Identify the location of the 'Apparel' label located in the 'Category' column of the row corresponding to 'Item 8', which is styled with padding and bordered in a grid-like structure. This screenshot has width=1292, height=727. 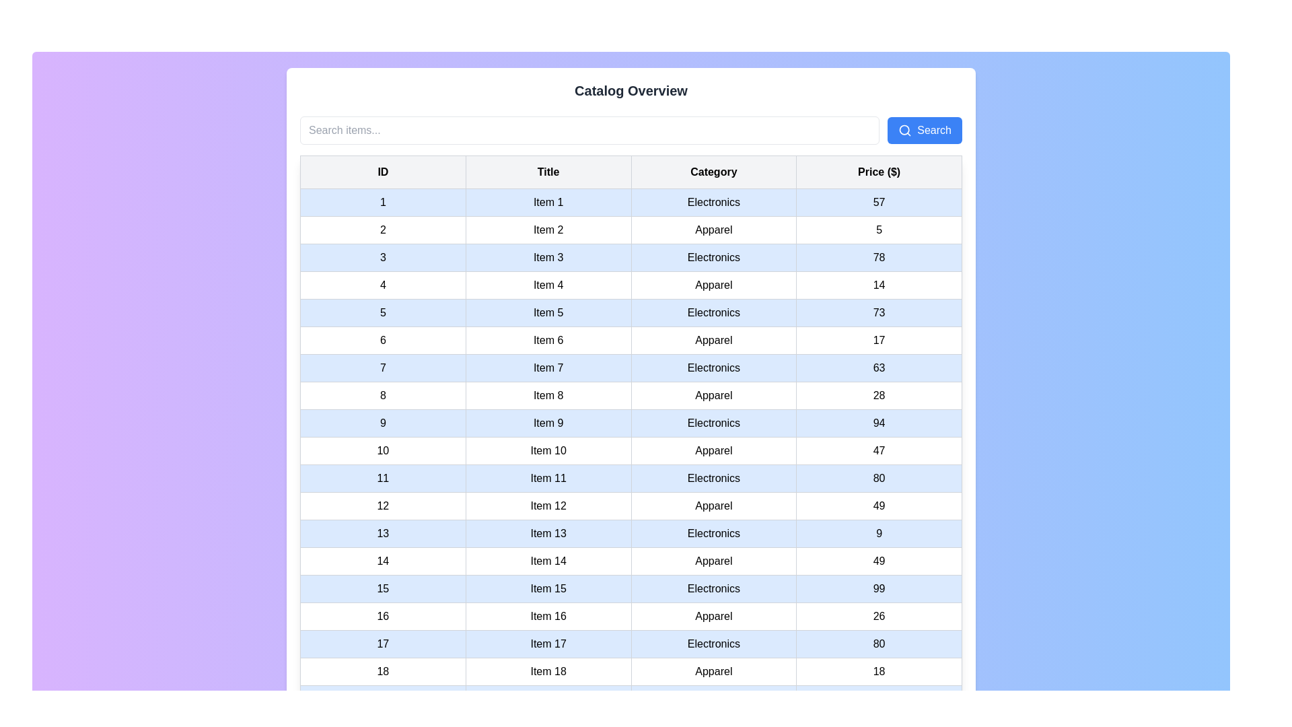
(713, 394).